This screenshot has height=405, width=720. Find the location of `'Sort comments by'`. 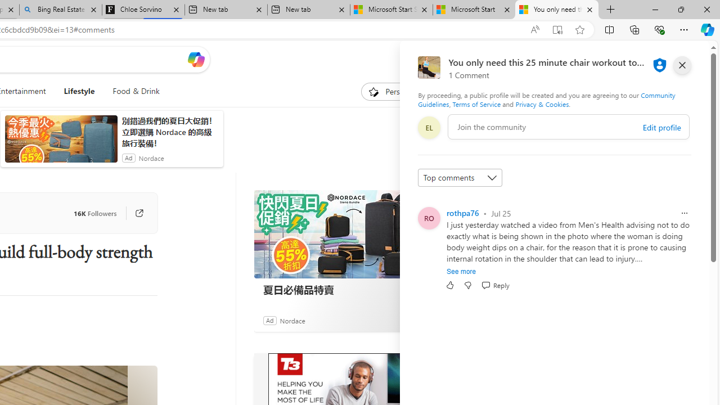

'Sort comments by' is located at coordinates (460, 177).